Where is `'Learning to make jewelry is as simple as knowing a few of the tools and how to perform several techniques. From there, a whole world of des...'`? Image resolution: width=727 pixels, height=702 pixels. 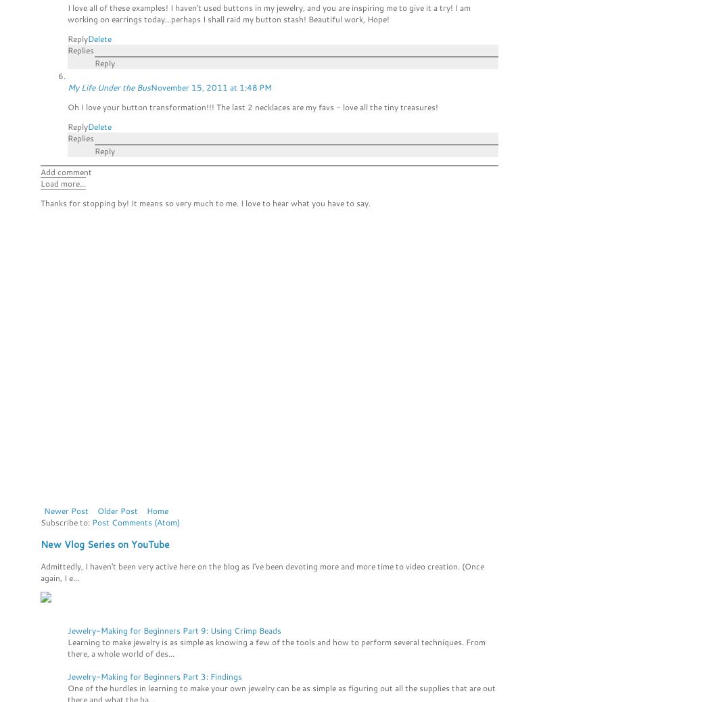
'Learning to make jewelry is as simple as knowing a few of the tools and how to perform several techniques. From there, a whole world of des...' is located at coordinates (276, 647).